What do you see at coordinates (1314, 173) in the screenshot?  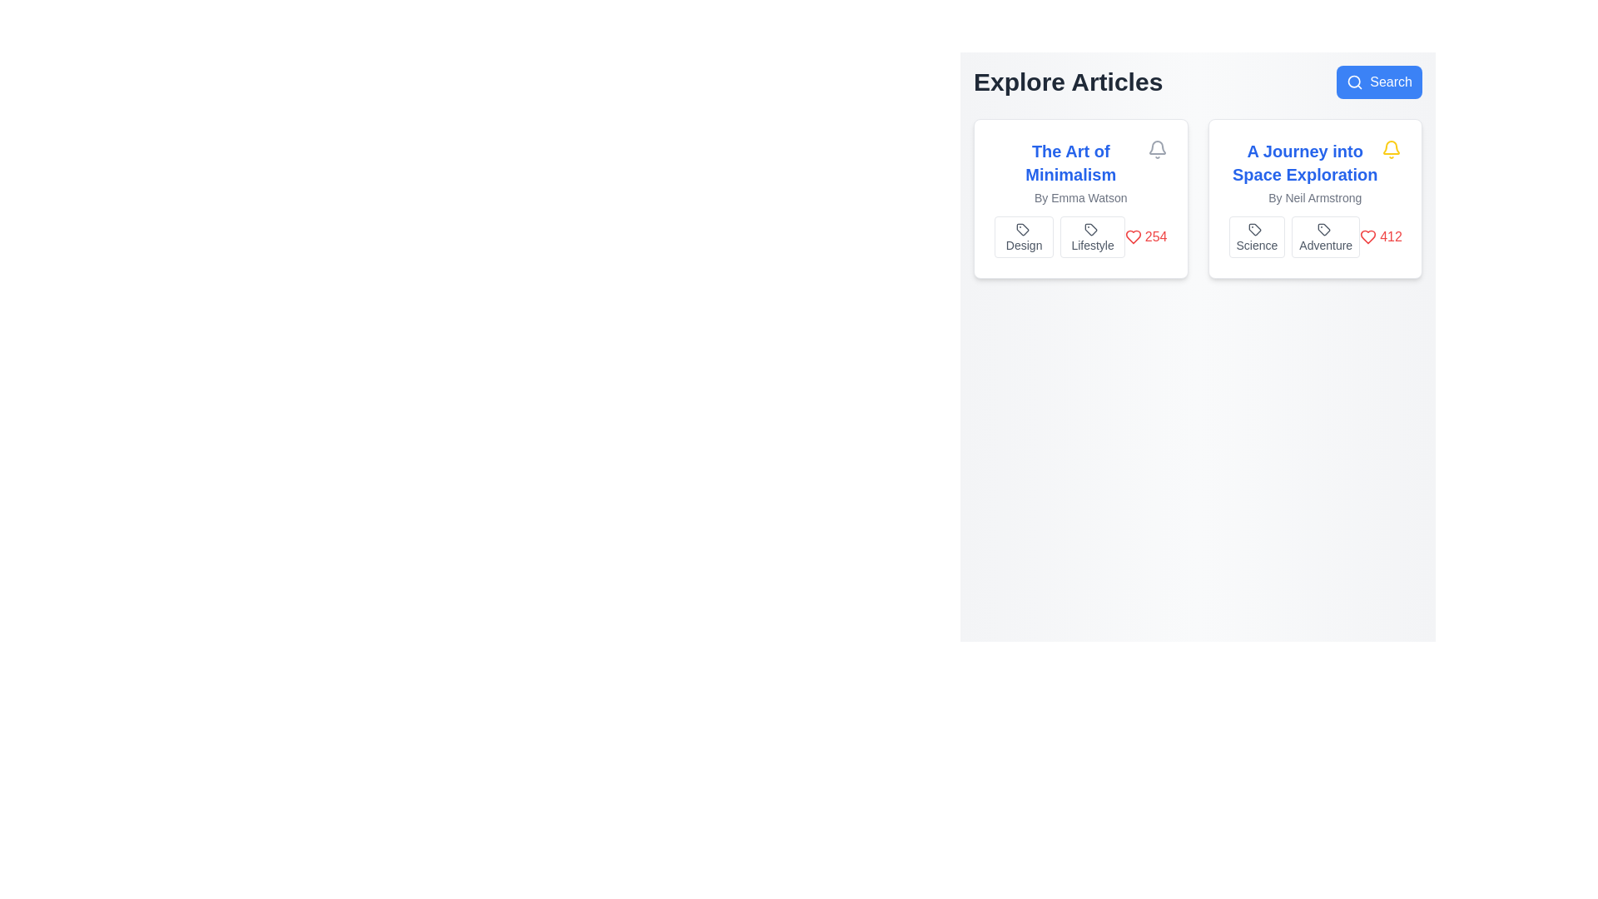 I see `the title and author information area of the article summary card located at the top section below the notification icon and above the tags and like count, specifically for the second card in a row of two cards` at bounding box center [1314, 173].